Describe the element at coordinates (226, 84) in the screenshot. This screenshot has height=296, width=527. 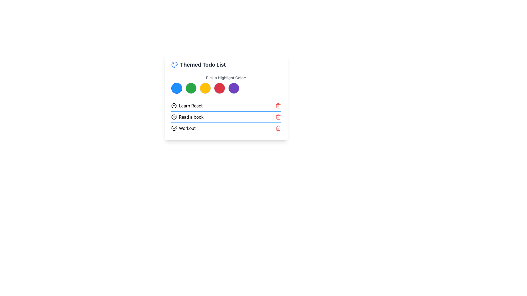
I see `the Color Picker Section located below the heading 'Themed Todo List'` at that location.